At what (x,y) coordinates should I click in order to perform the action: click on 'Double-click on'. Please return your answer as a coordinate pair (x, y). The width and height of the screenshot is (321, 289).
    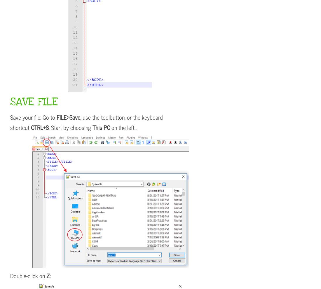
    Looking at the image, I should click on (28, 276).